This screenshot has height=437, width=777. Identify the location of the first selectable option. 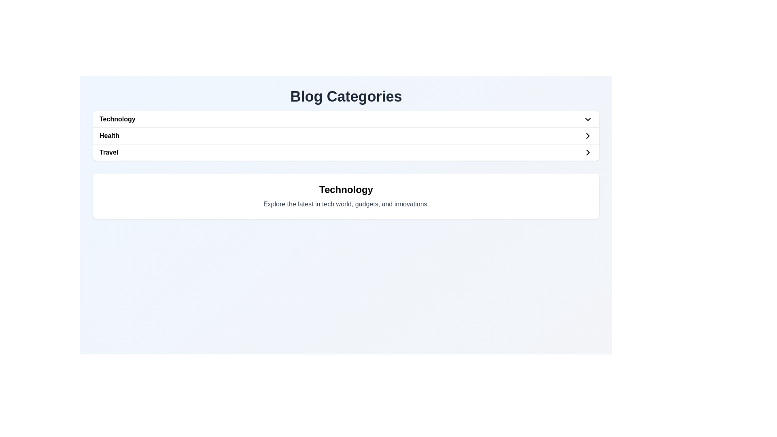
(346, 119).